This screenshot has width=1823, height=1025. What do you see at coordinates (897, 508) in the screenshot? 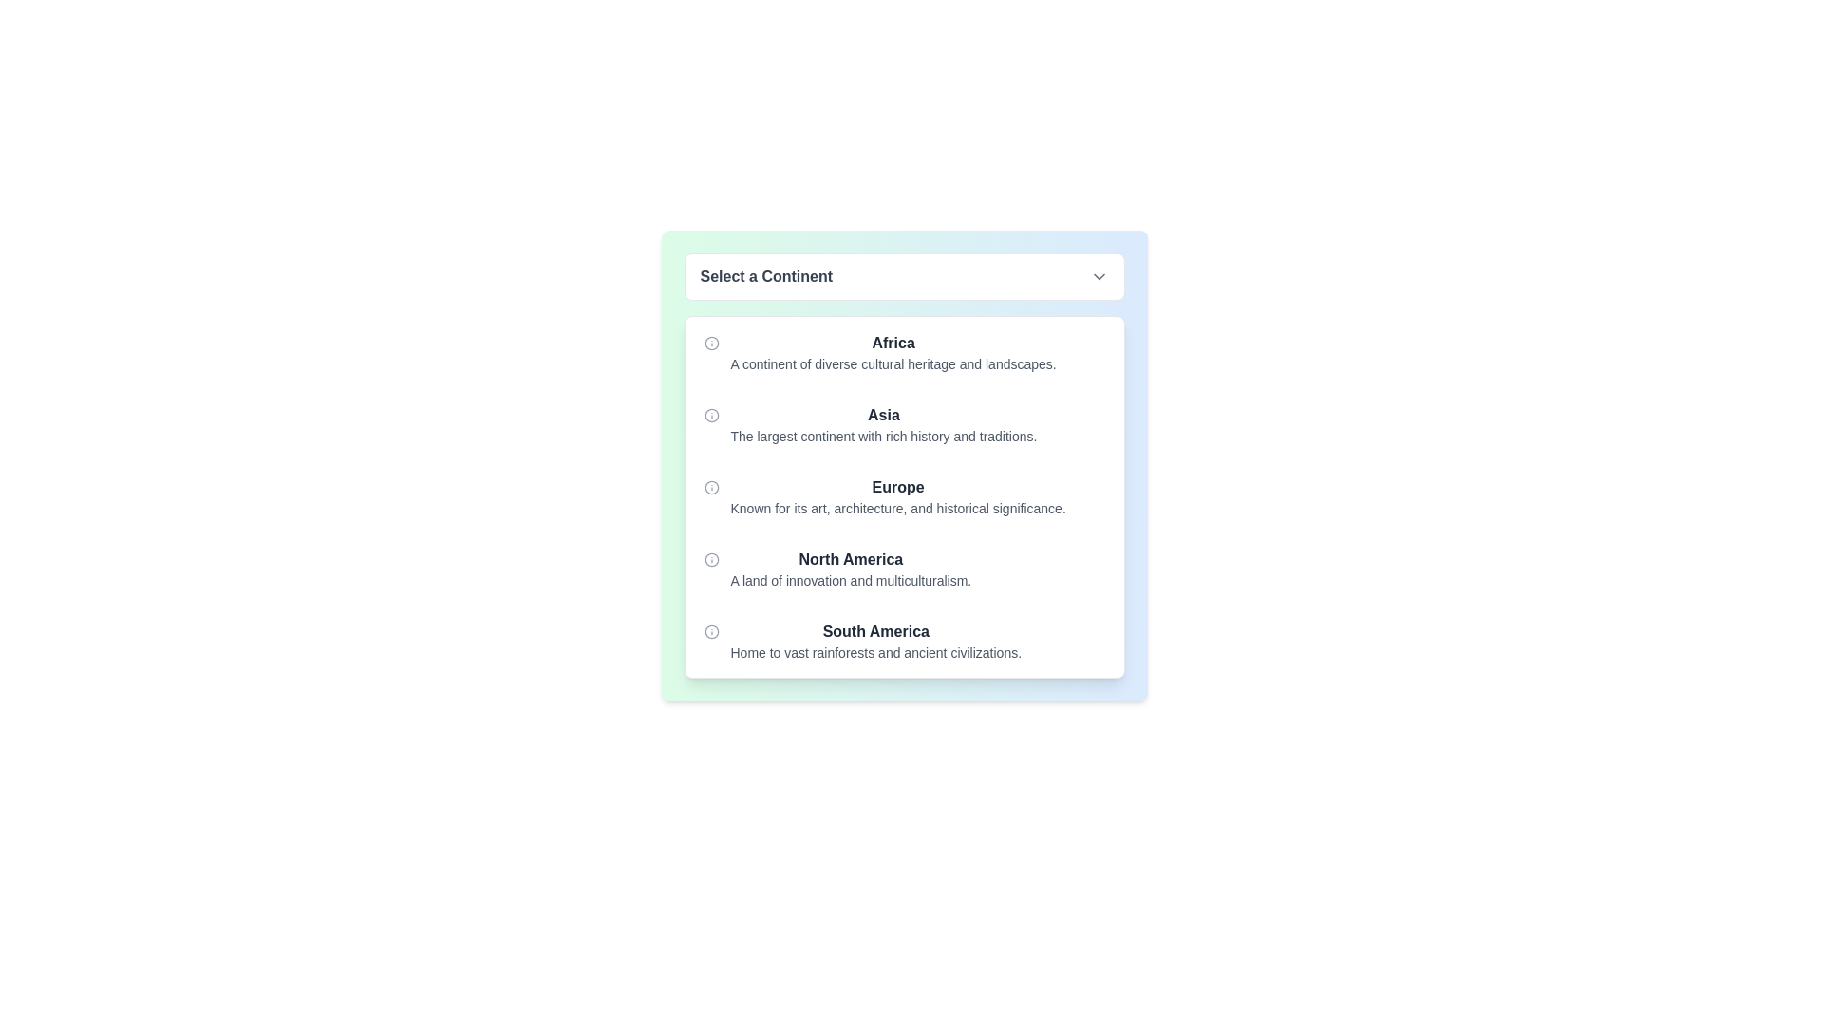
I see `the descriptive text element providing additional information about the continent 'Europe', located beneath the title 'Europe' within a list of selectable continents` at bounding box center [897, 508].